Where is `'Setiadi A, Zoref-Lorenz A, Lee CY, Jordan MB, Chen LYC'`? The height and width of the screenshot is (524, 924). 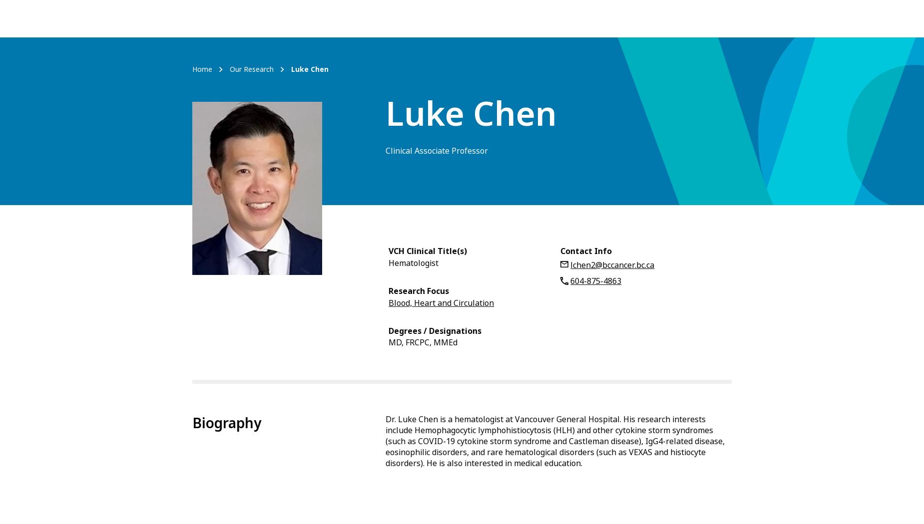
'Setiadi A, Zoref-Lorenz A, Lee CY, Jordan MB, Chen LYC' is located at coordinates (475, 185).